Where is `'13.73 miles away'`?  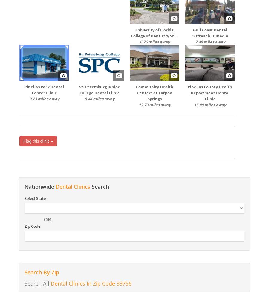 '13.73 miles away' is located at coordinates (154, 105).